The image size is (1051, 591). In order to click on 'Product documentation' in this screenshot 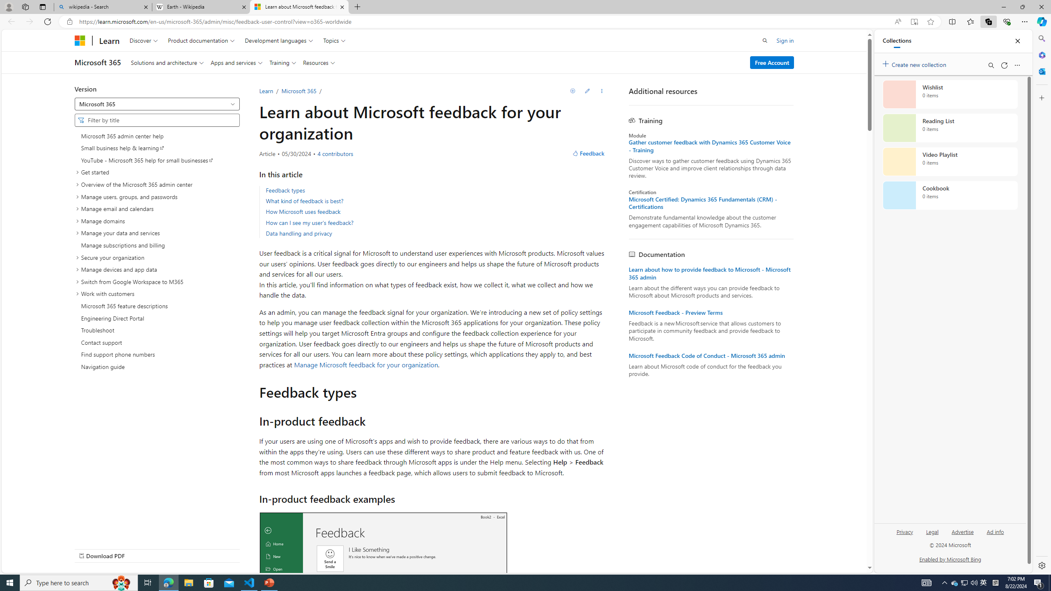, I will do `click(201, 40)`.